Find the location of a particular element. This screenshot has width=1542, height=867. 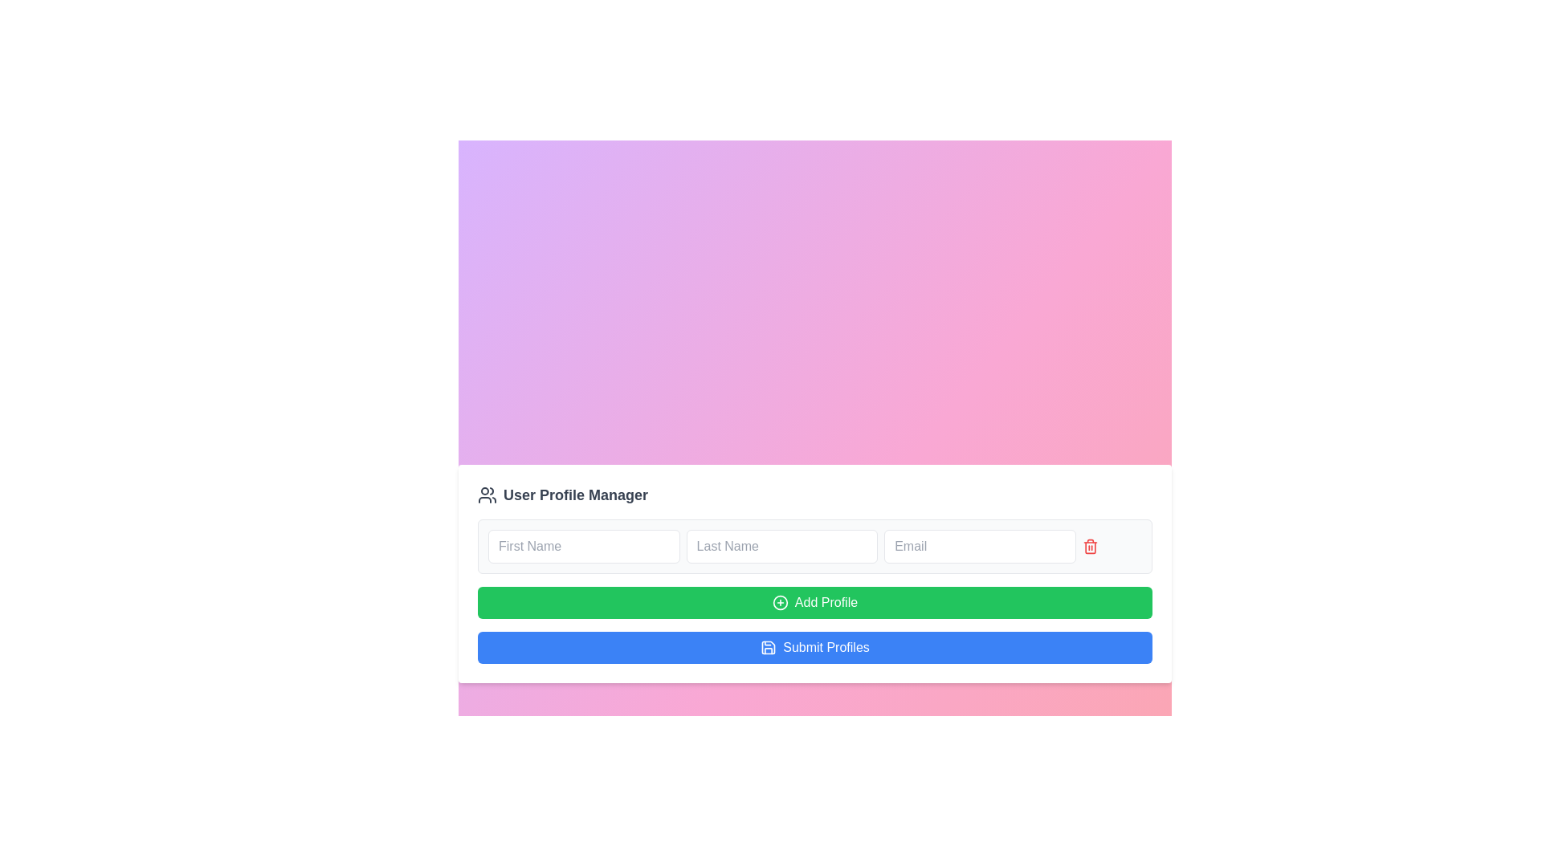

the save icon, which is a graphical representation of a folder with a downward-pointing arrow, located to the left of the 'Submit Profiles' button is located at coordinates (768, 646).